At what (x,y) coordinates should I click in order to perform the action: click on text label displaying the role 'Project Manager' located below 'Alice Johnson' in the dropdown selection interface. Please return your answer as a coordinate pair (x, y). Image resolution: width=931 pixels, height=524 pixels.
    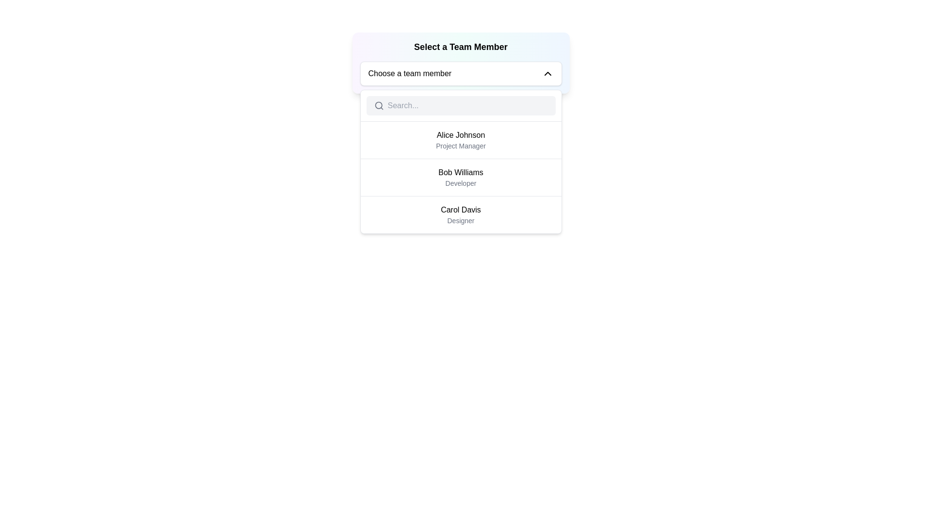
    Looking at the image, I should click on (460, 146).